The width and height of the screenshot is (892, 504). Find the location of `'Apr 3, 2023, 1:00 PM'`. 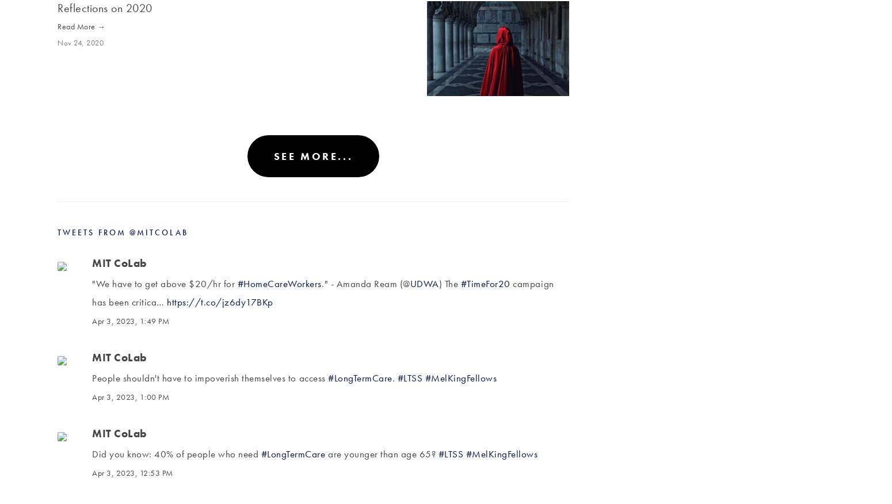

'Apr 3, 2023, 1:00 PM' is located at coordinates (91, 396).